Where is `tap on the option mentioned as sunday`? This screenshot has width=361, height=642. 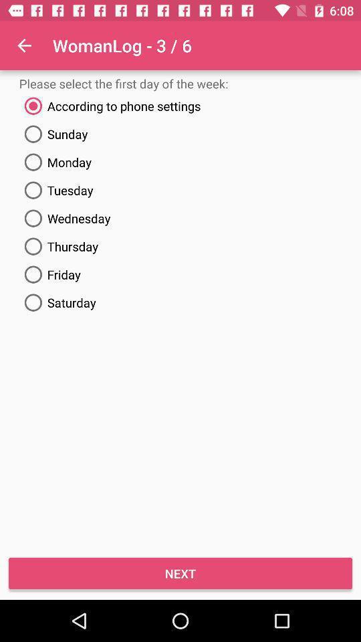
tap on the option mentioned as sunday is located at coordinates (180, 134).